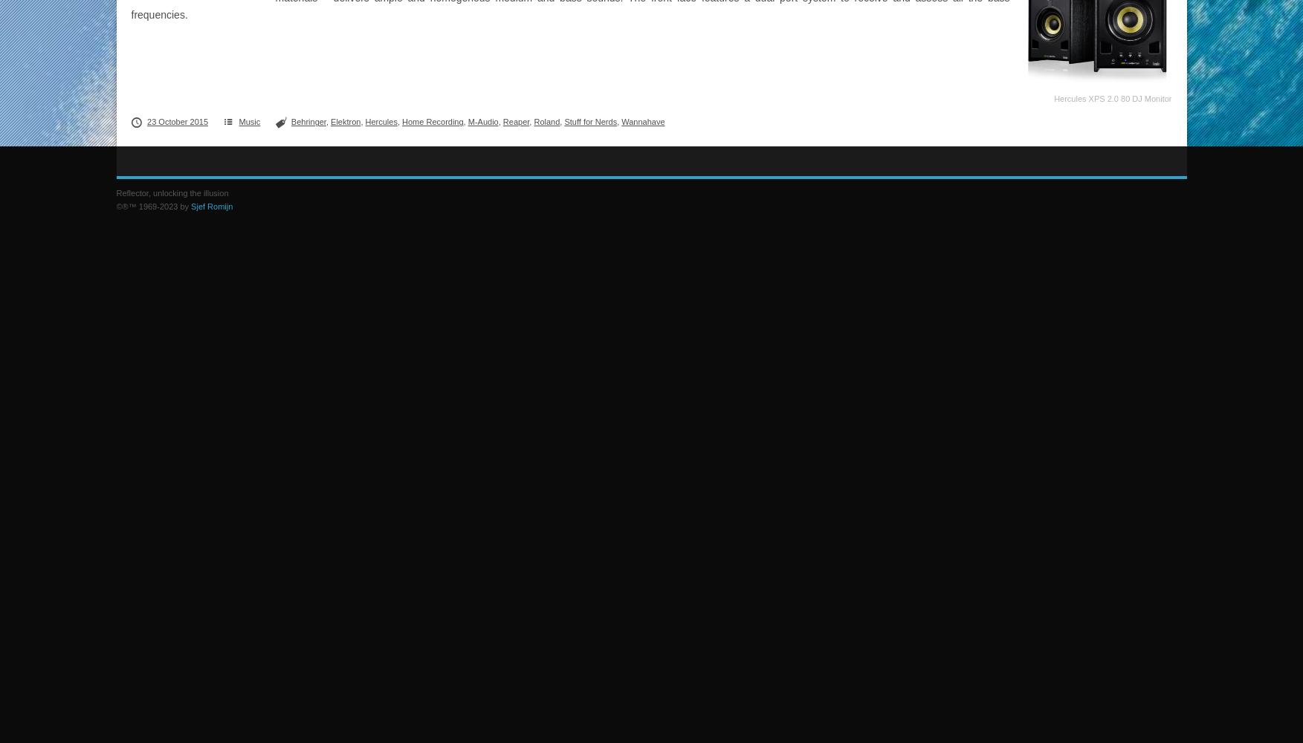  What do you see at coordinates (466, 122) in the screenshot?
I see `'M-Audio'` at bounding box center [466, 122].